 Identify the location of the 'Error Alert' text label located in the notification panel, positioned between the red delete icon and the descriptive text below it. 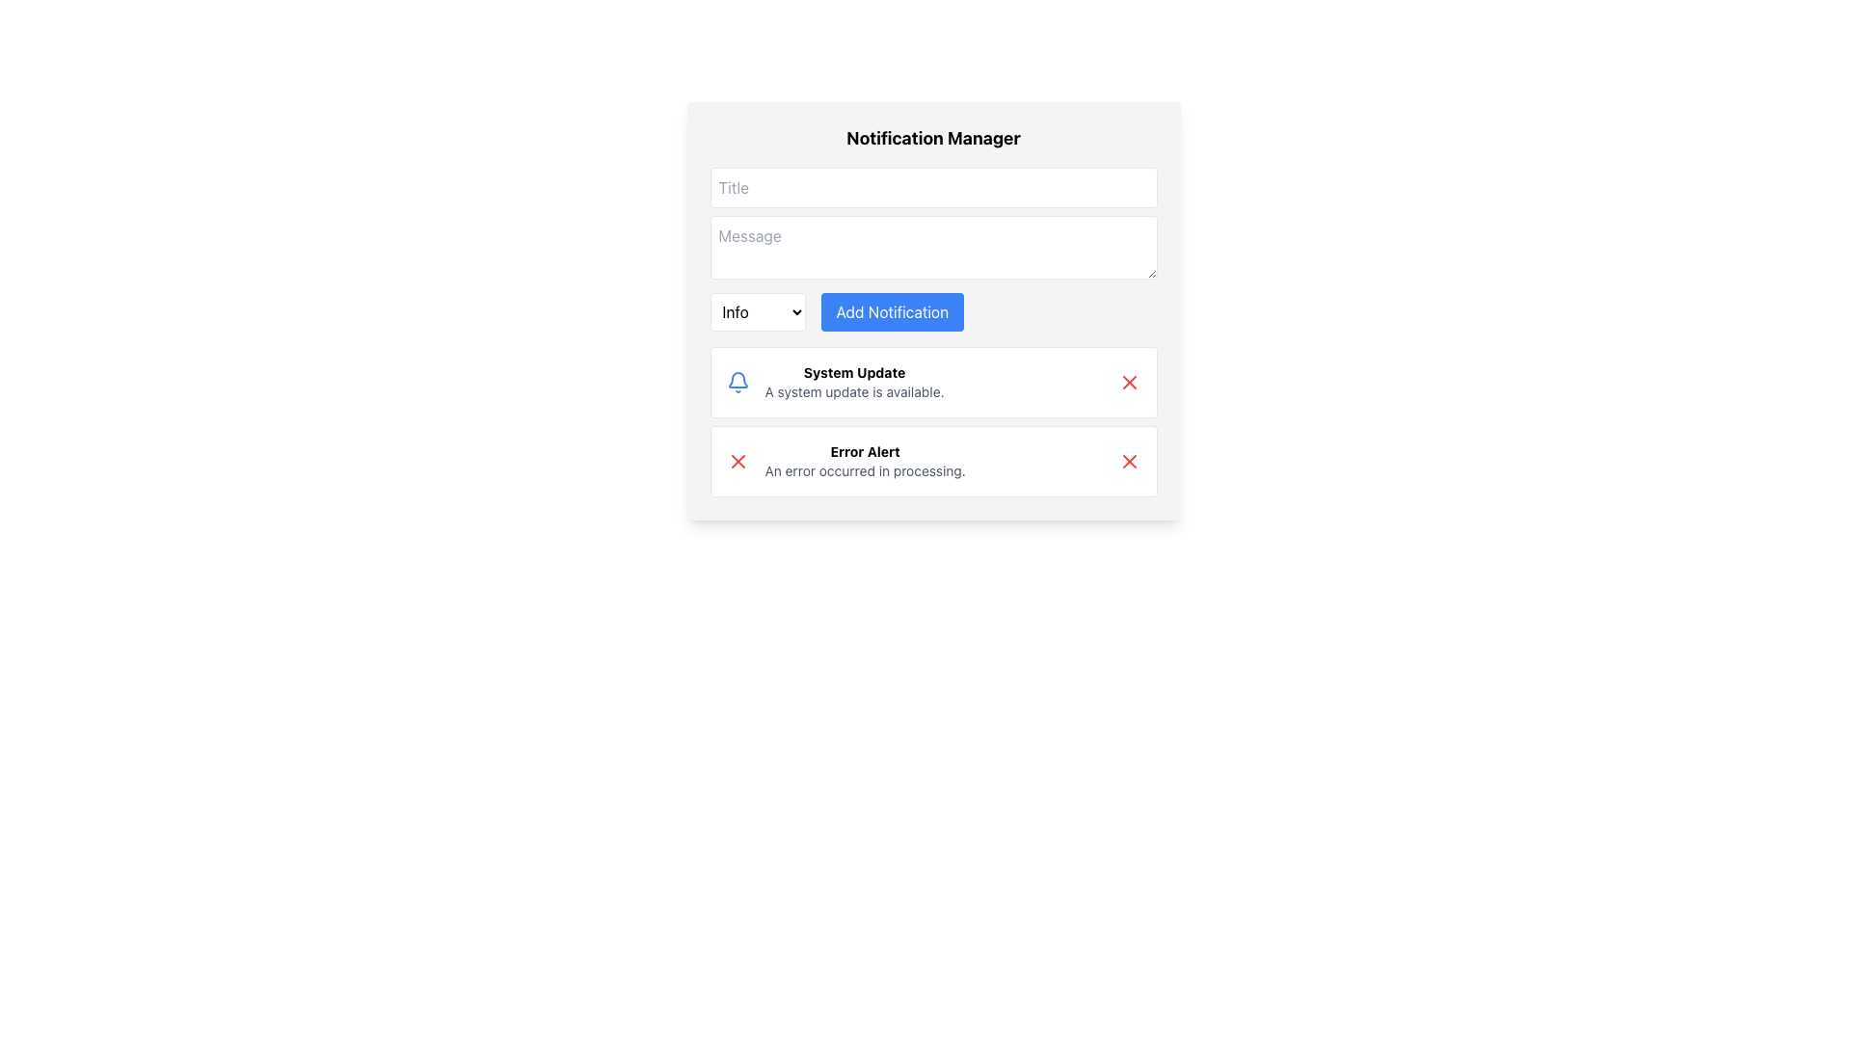
(864, 452).